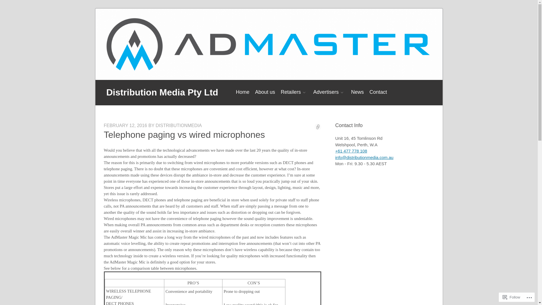 The width and height of the screenshot is (542, 305). Describe the element at coordinates (357, 92) in the screenshot. I see `'News'` at that location.